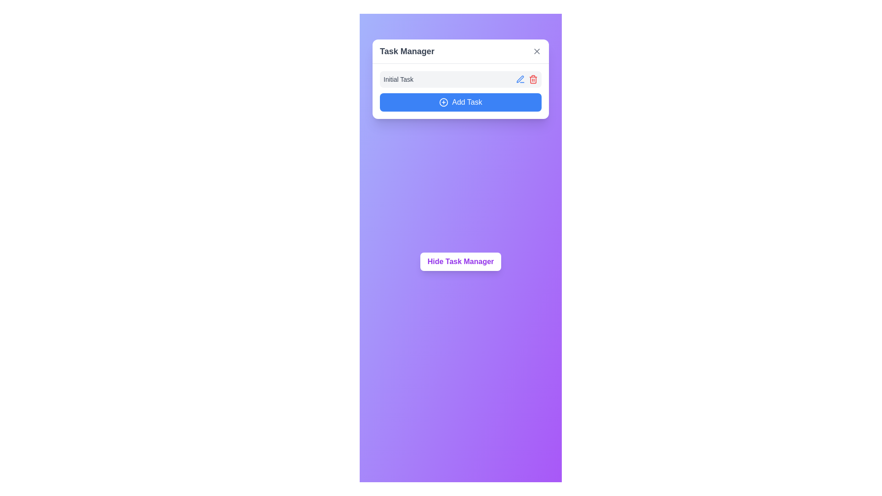  Describe the element at coordinates (537, 51) in the screenshot. I see `the close button in the header of the 'Task Manager' panel to change its color to red` at that location.